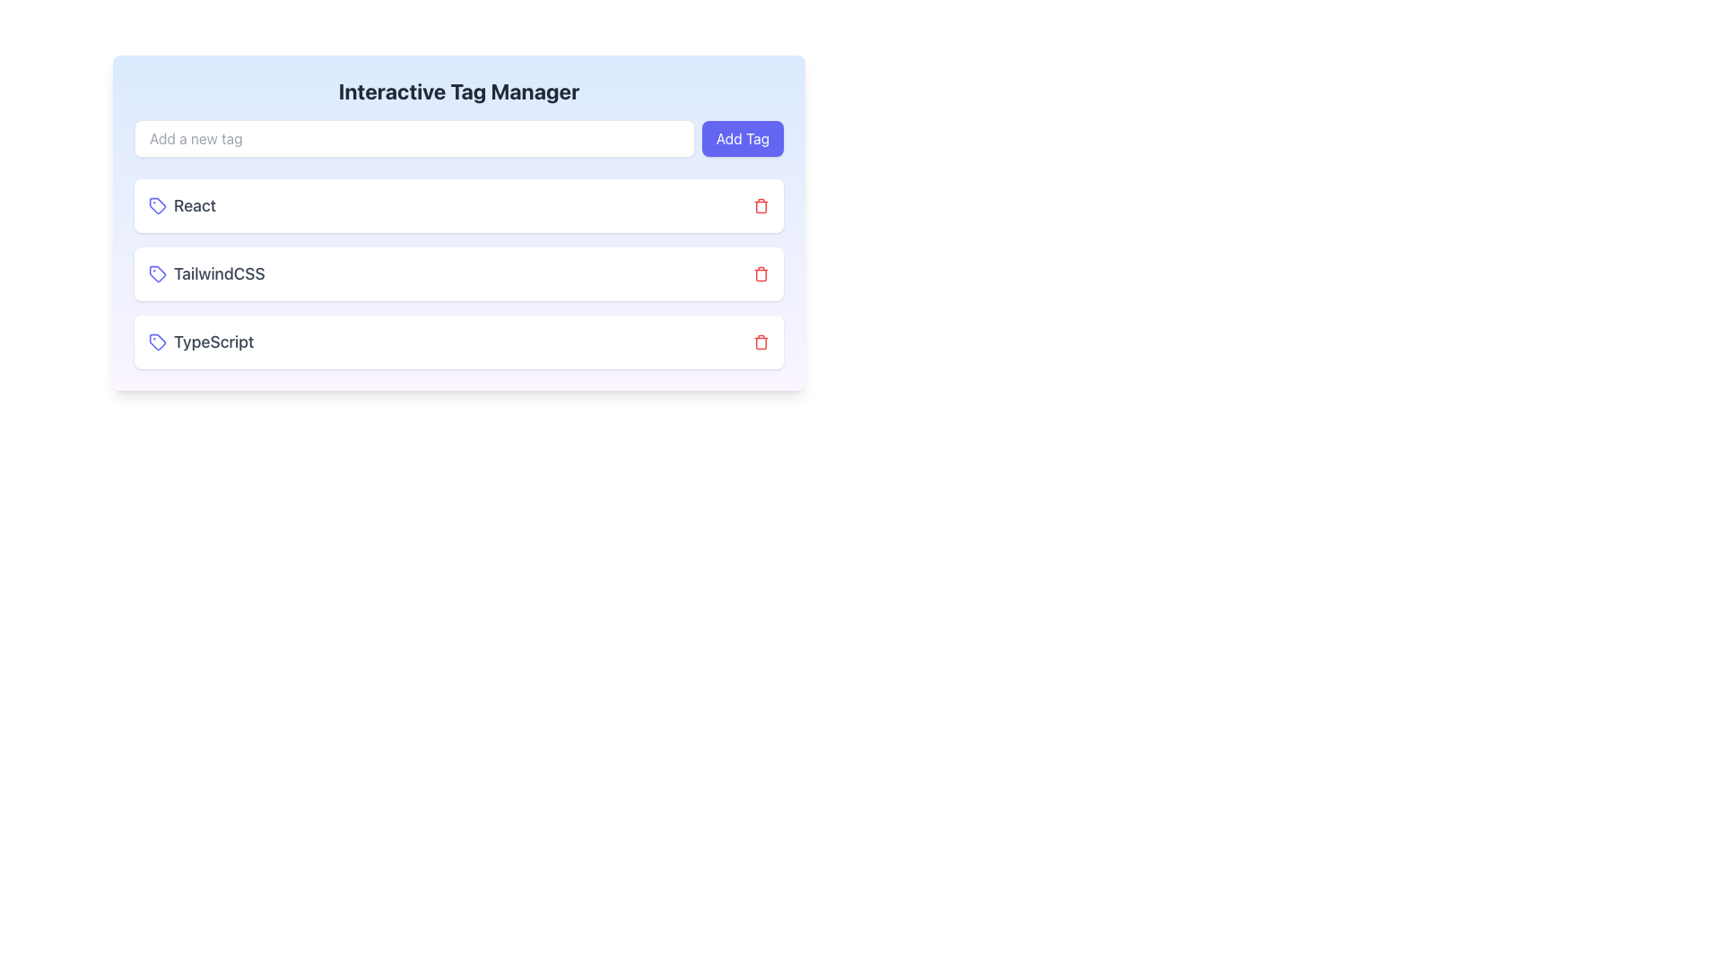  Describe the element at coordinates (206, 273) in the screenshot. I see `the 'TailwindCSS' list item, which consists of a purple rounded tag icon and a gray text label, positioned centrally within a white card, between 'React' and 'TypeScript'` at that location.